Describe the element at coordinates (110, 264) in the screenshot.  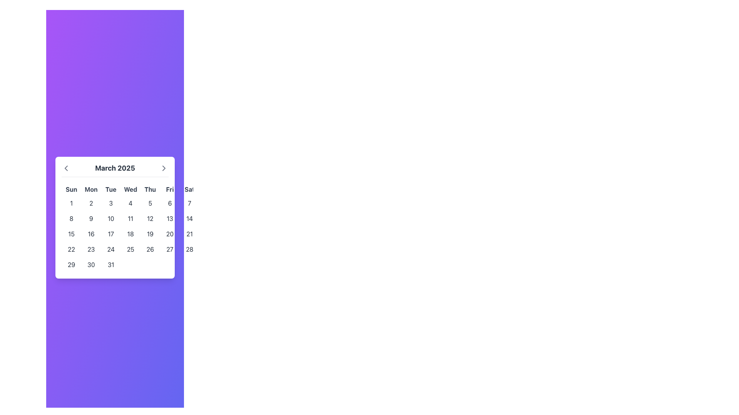
I see `the square button labeled '31' in the last row of the calendar grid for accessible mode` at that location.